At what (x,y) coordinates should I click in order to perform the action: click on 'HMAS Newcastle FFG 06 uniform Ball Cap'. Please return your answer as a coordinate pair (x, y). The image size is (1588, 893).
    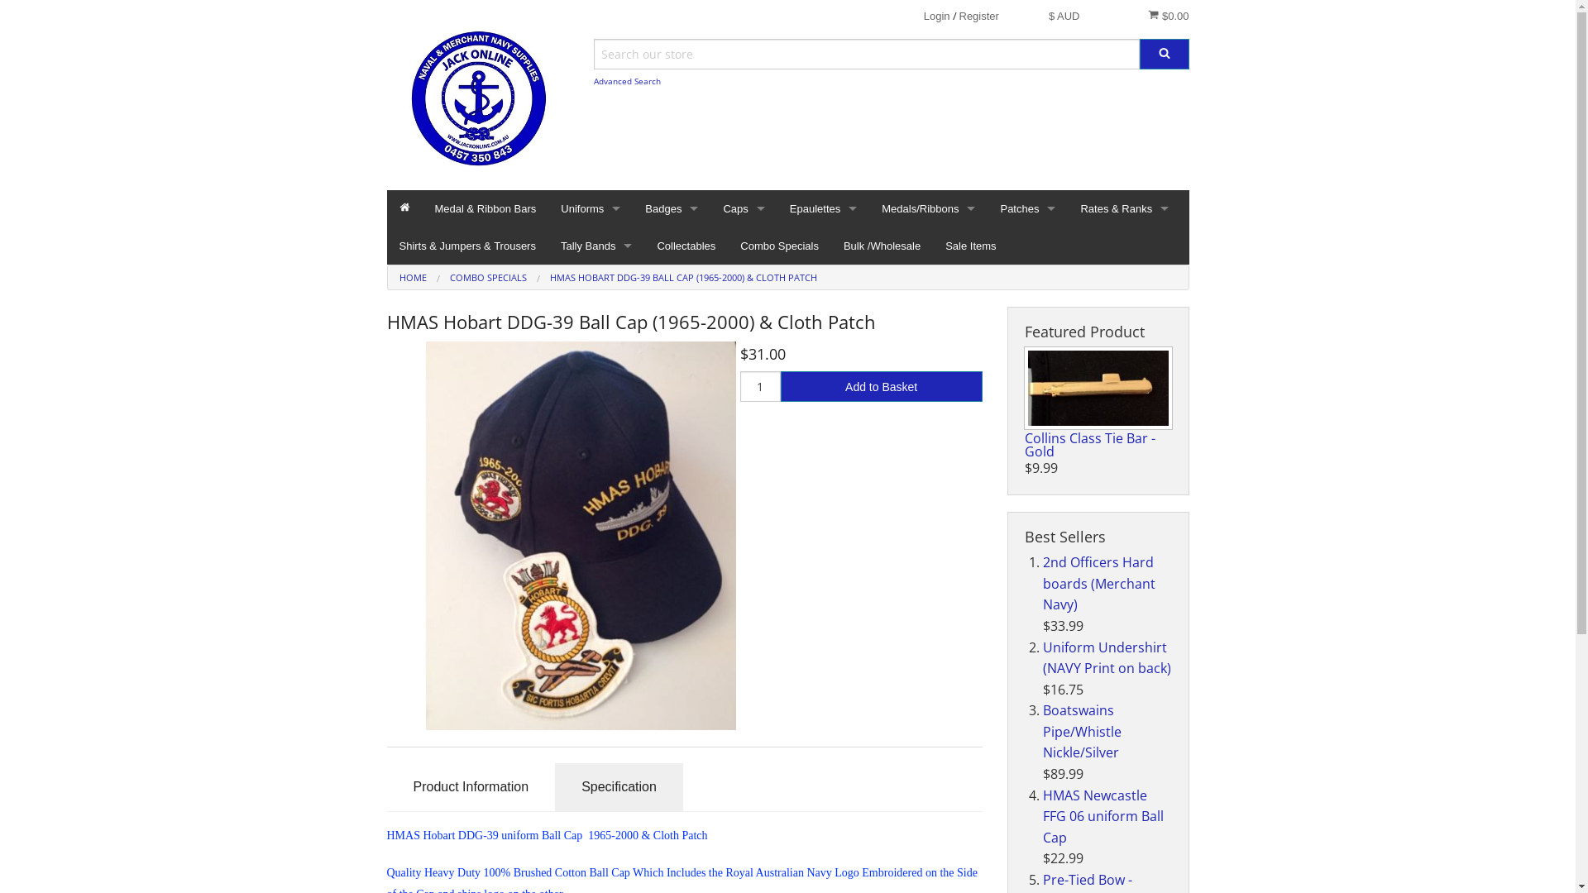
    Looking at the image, I should click on (1042, 815).